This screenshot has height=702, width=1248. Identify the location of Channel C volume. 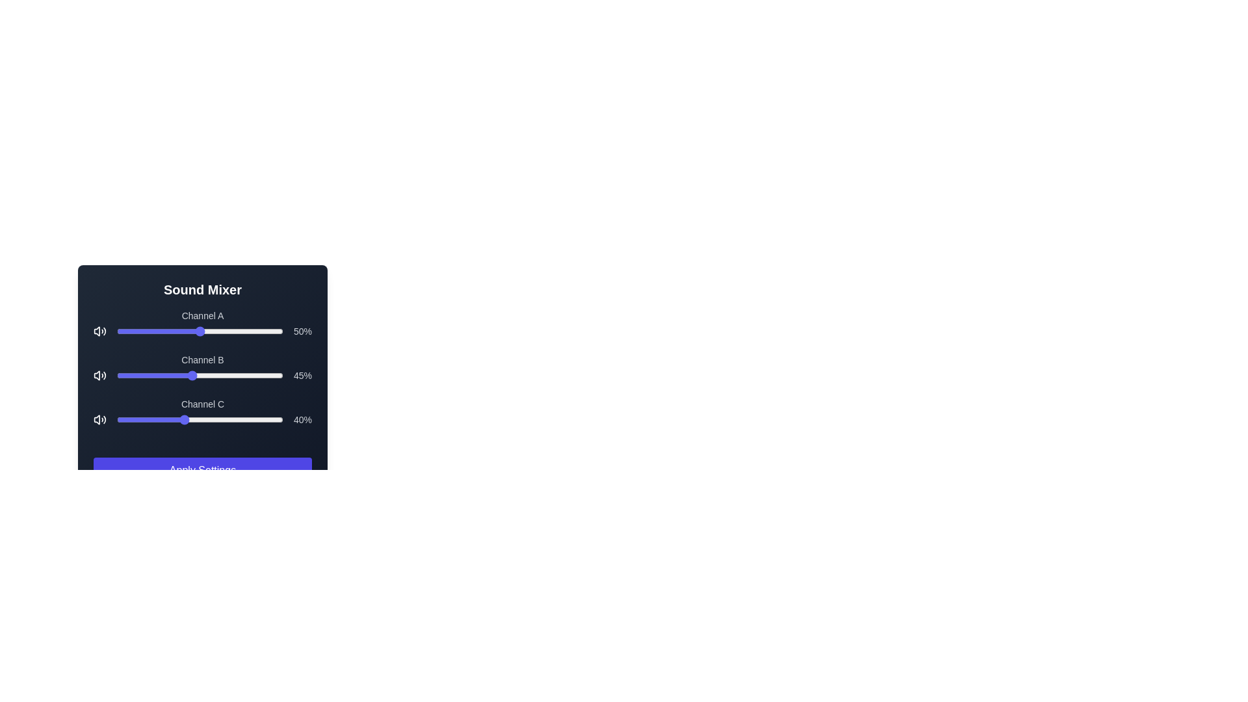
(173, 419).